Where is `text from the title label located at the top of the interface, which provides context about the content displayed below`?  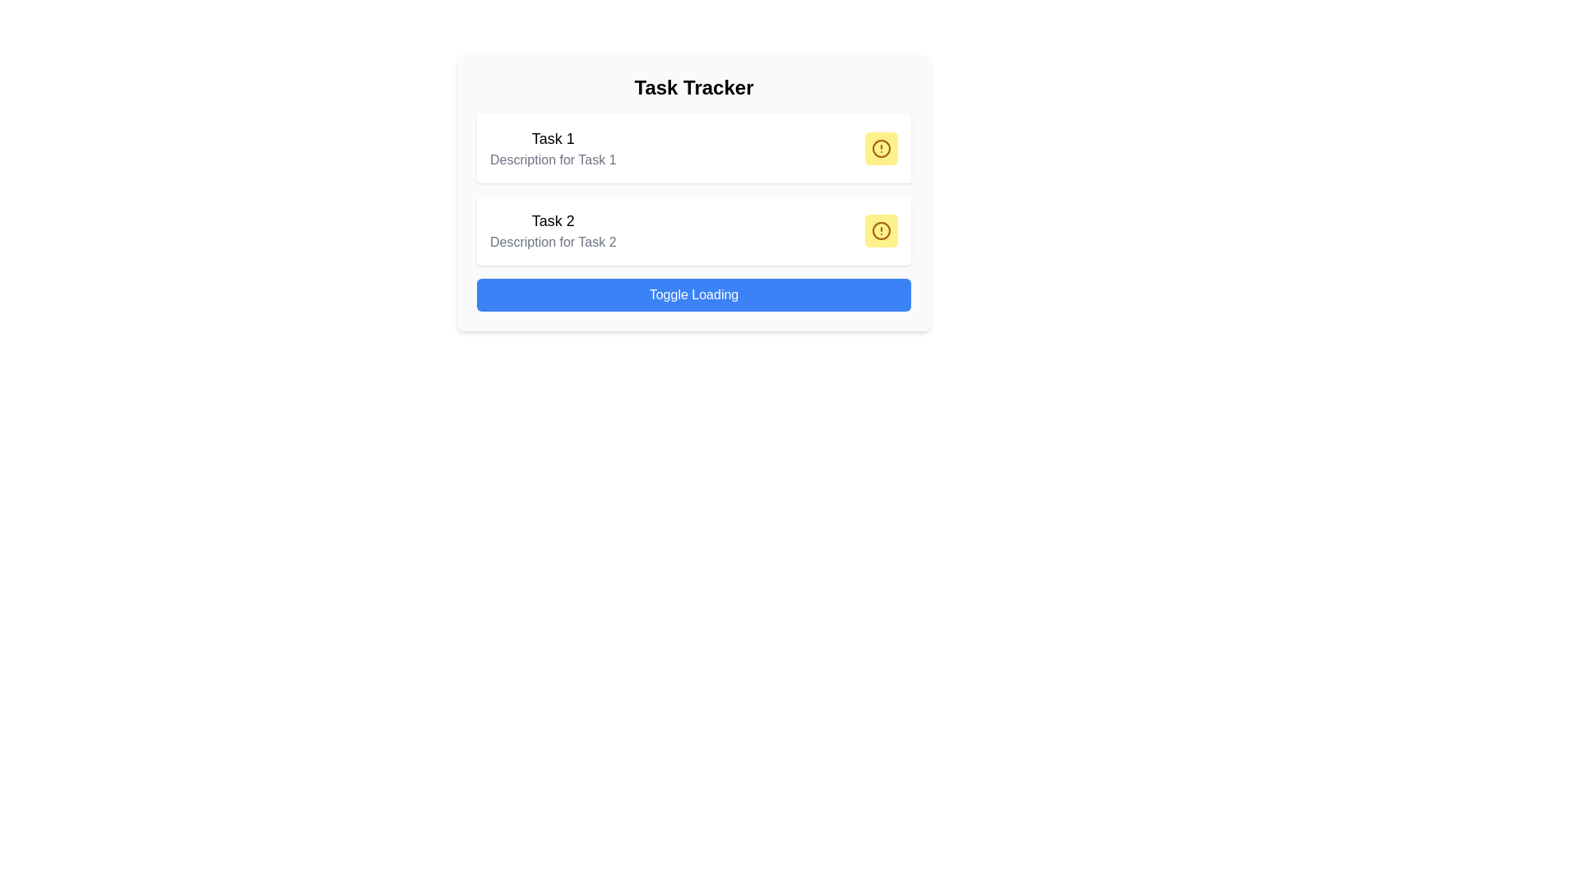
text from the title label located at the top of the interface, which provides context about the content displayed below is located at coordinates (694, 88).